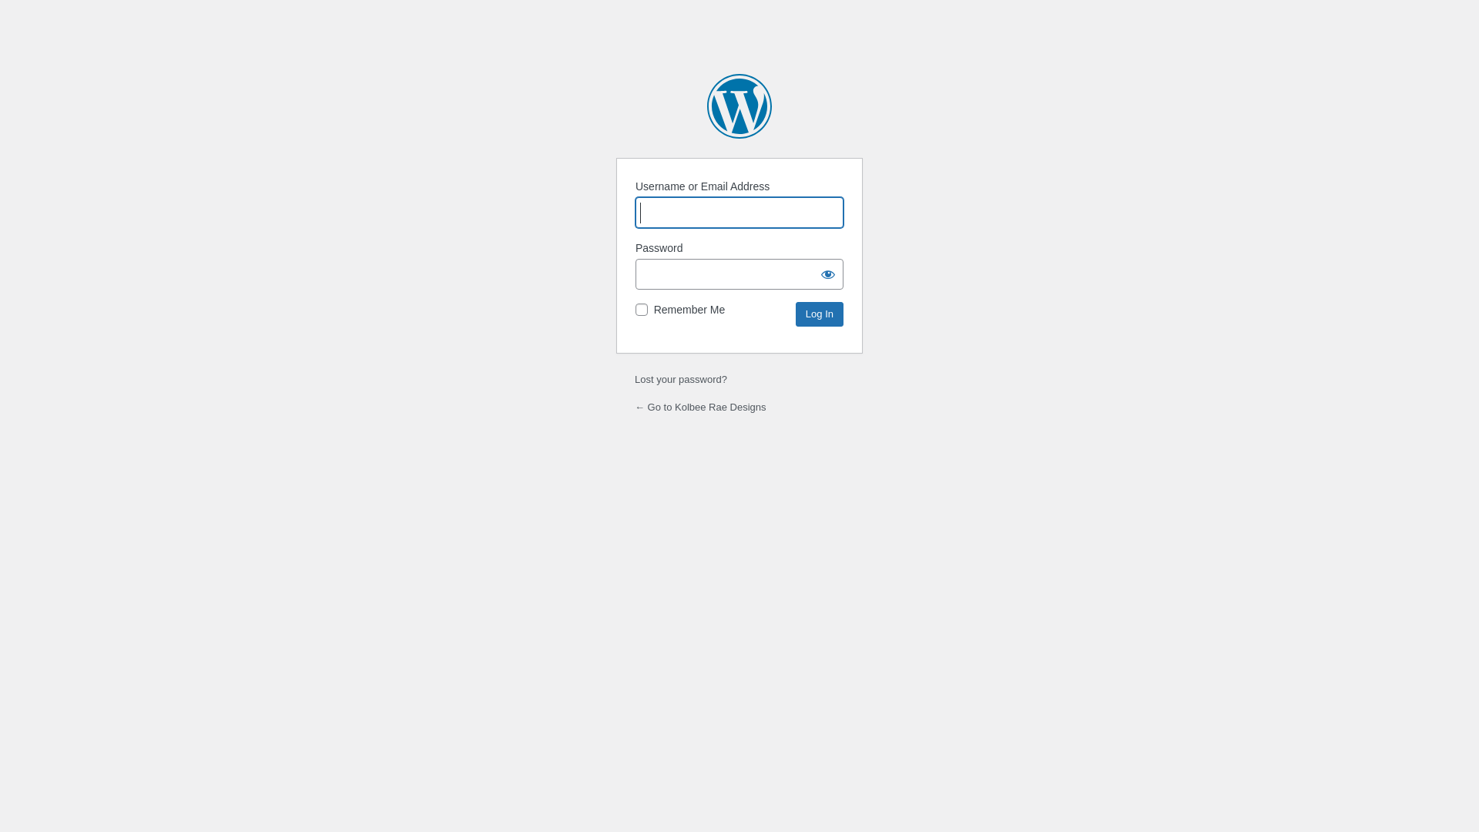 The image size is (1479, 832). Describe the element at coordinates (819, 314) in the screenshot. I see `'Log In'` at that location.